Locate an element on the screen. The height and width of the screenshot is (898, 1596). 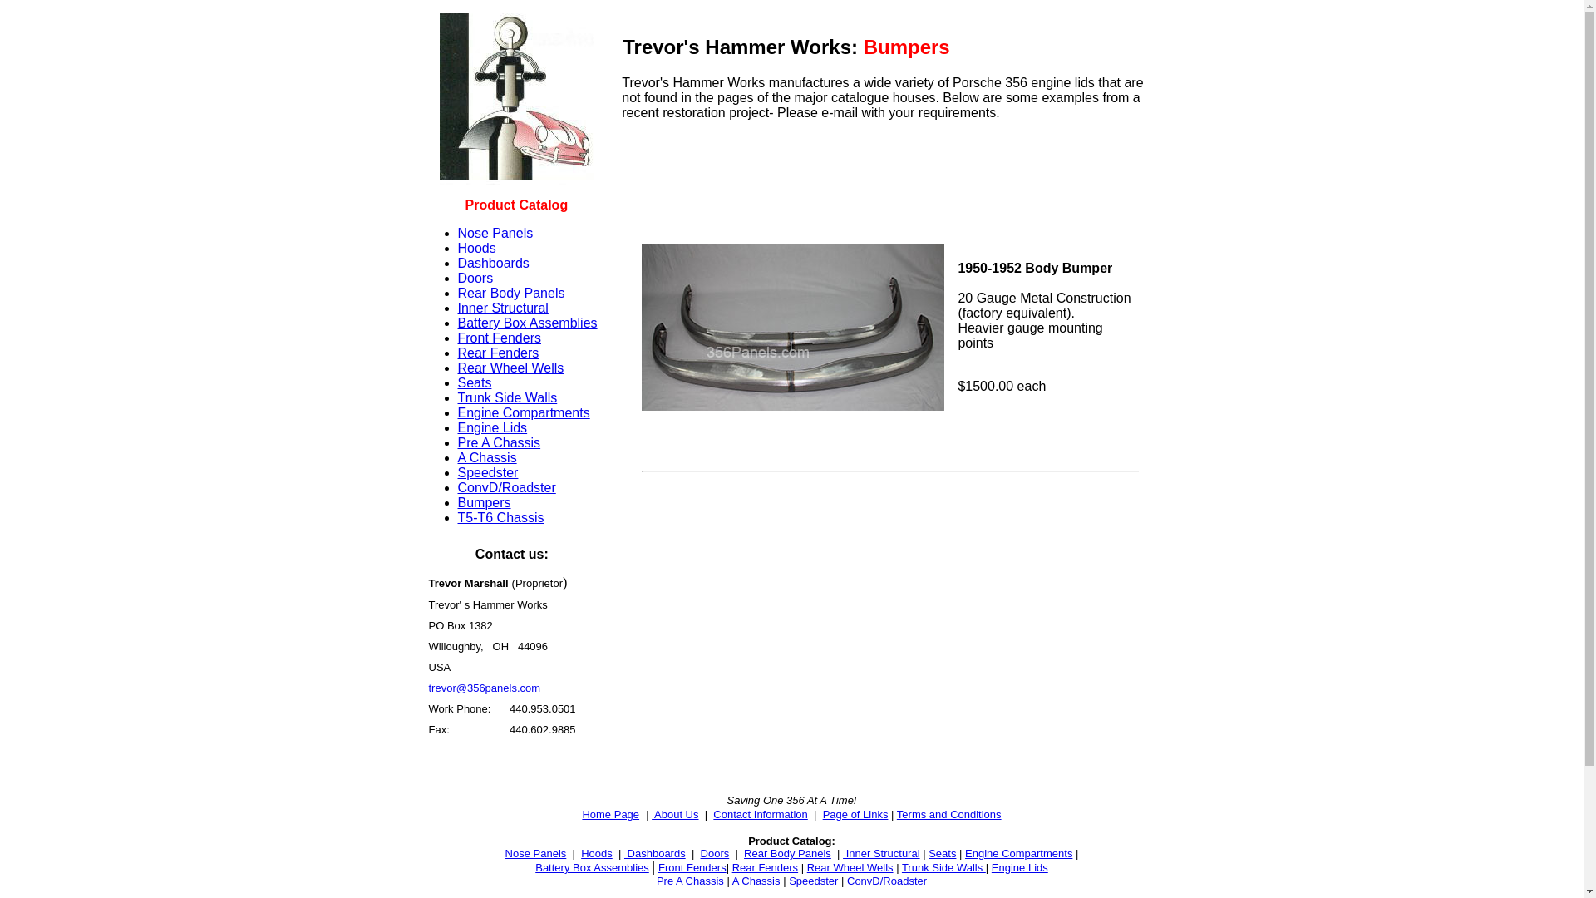
'Page of Links' is located at coordinates (855, 813).